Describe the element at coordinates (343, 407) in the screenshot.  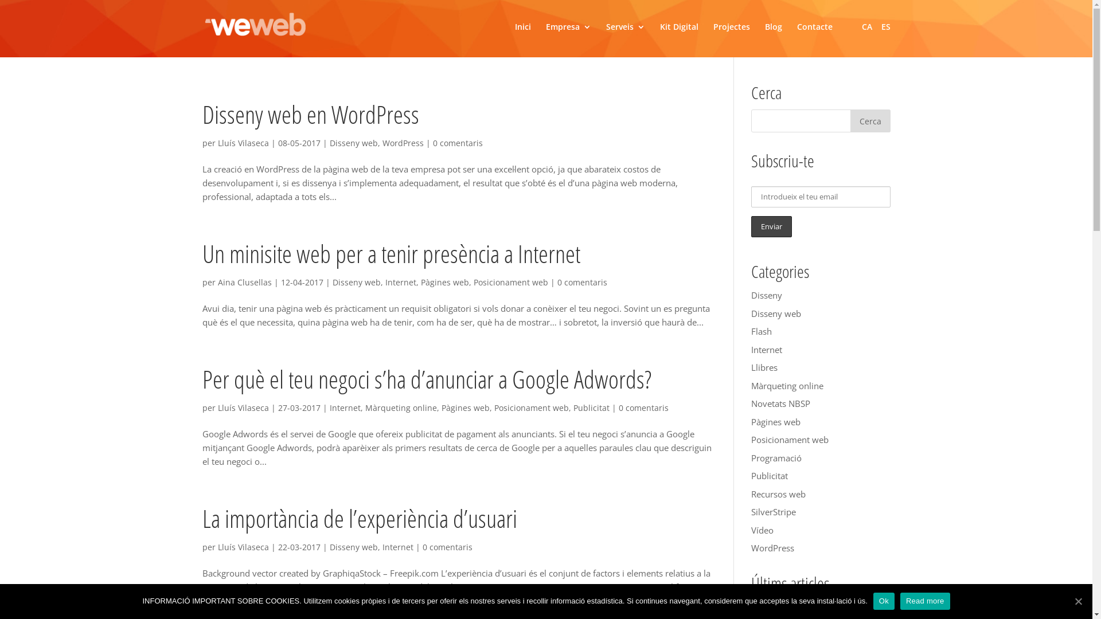
I see `'Internet'` at that location.